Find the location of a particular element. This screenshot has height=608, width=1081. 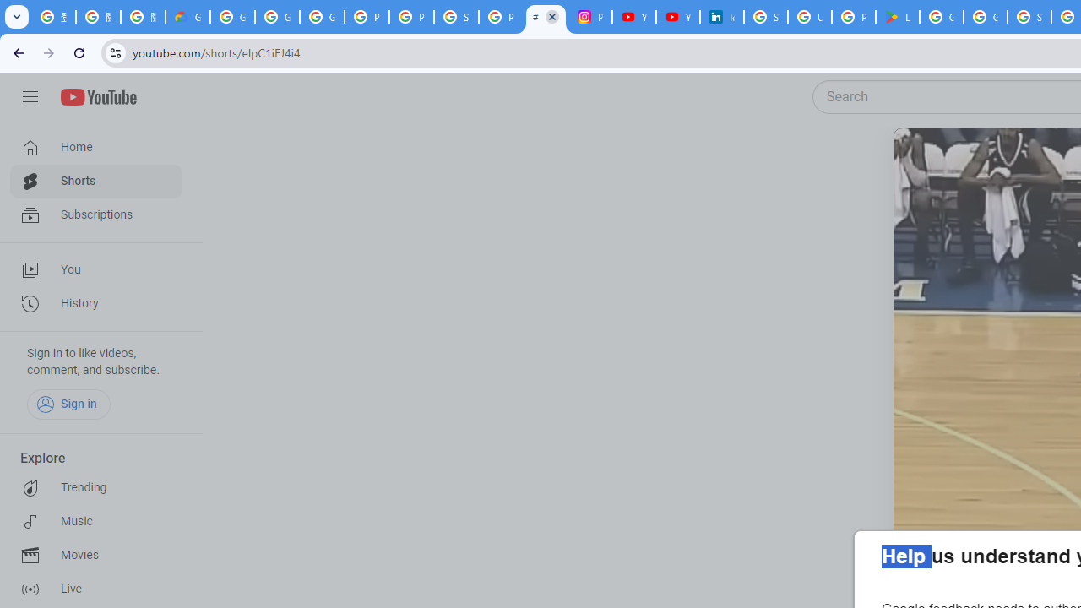

'Music' is located at coordinates (95, 521).